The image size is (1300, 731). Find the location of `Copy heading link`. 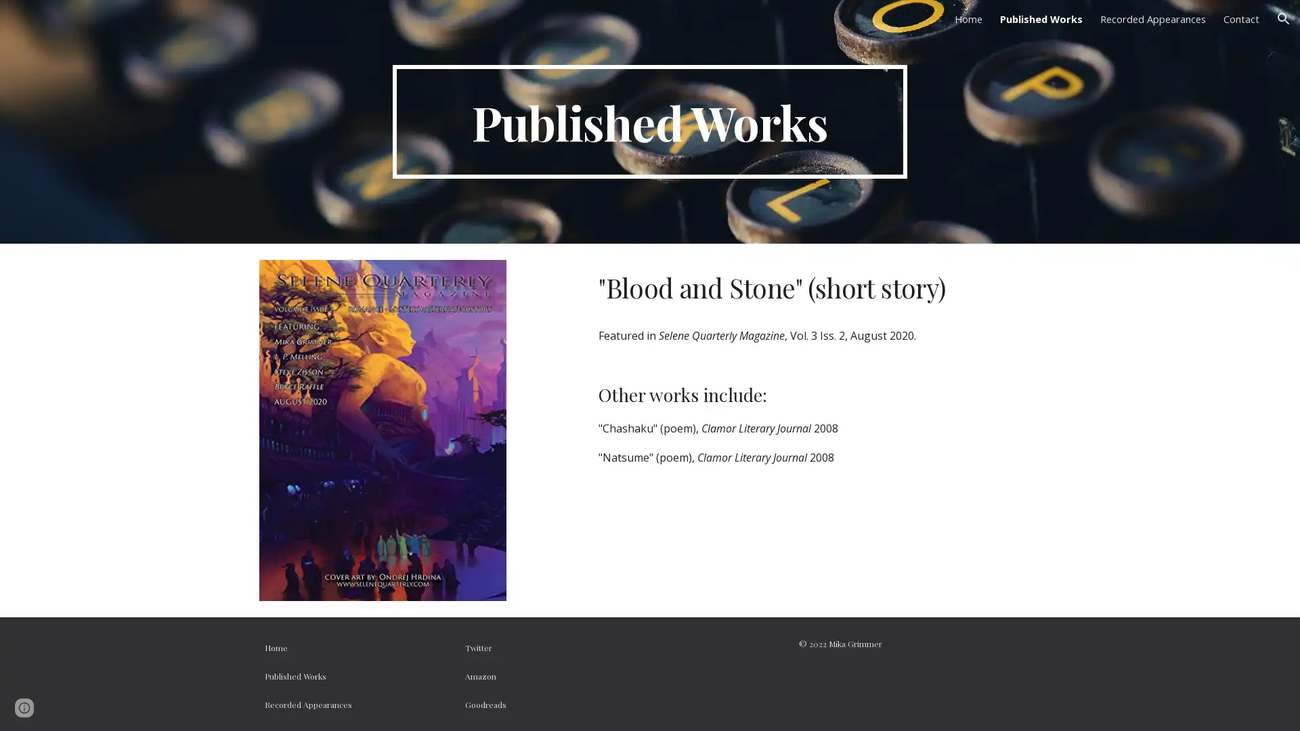

Copy heading link is located at coordinates (960, 286).